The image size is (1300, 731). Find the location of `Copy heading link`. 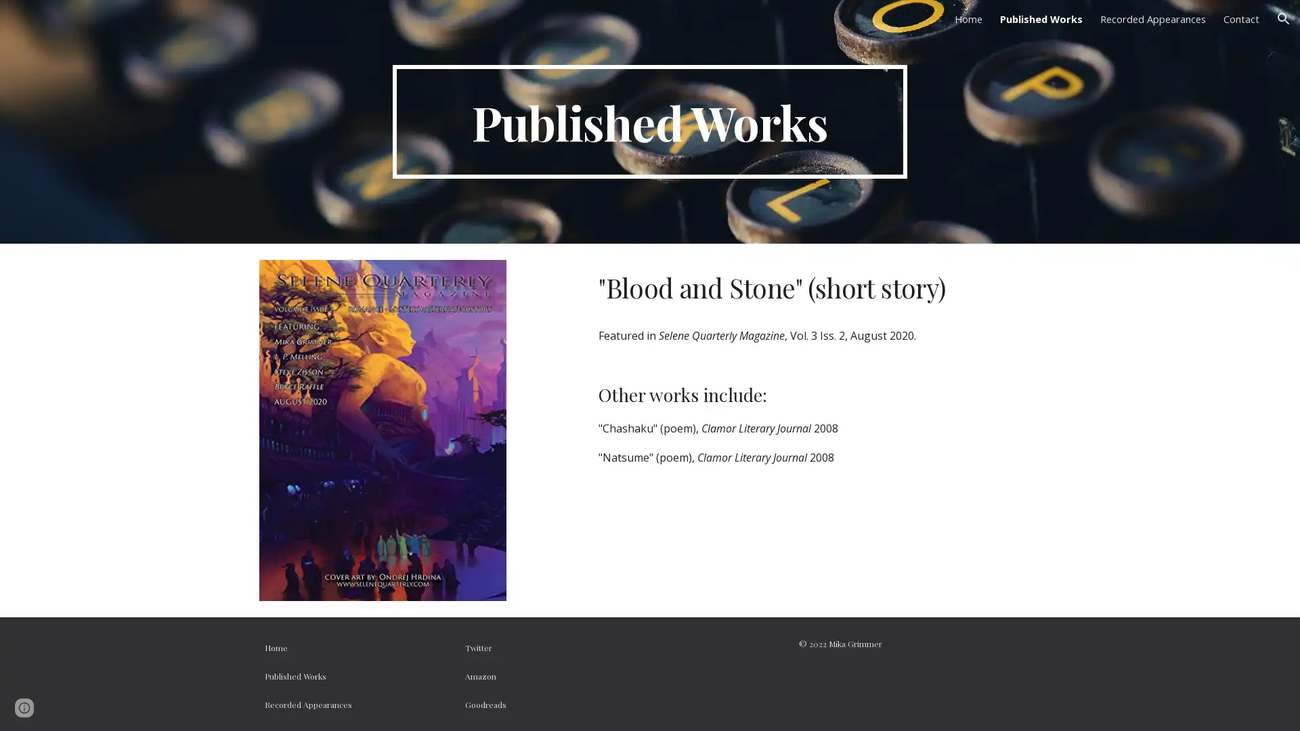

Copy heading link is located at coordinates (960, 286).